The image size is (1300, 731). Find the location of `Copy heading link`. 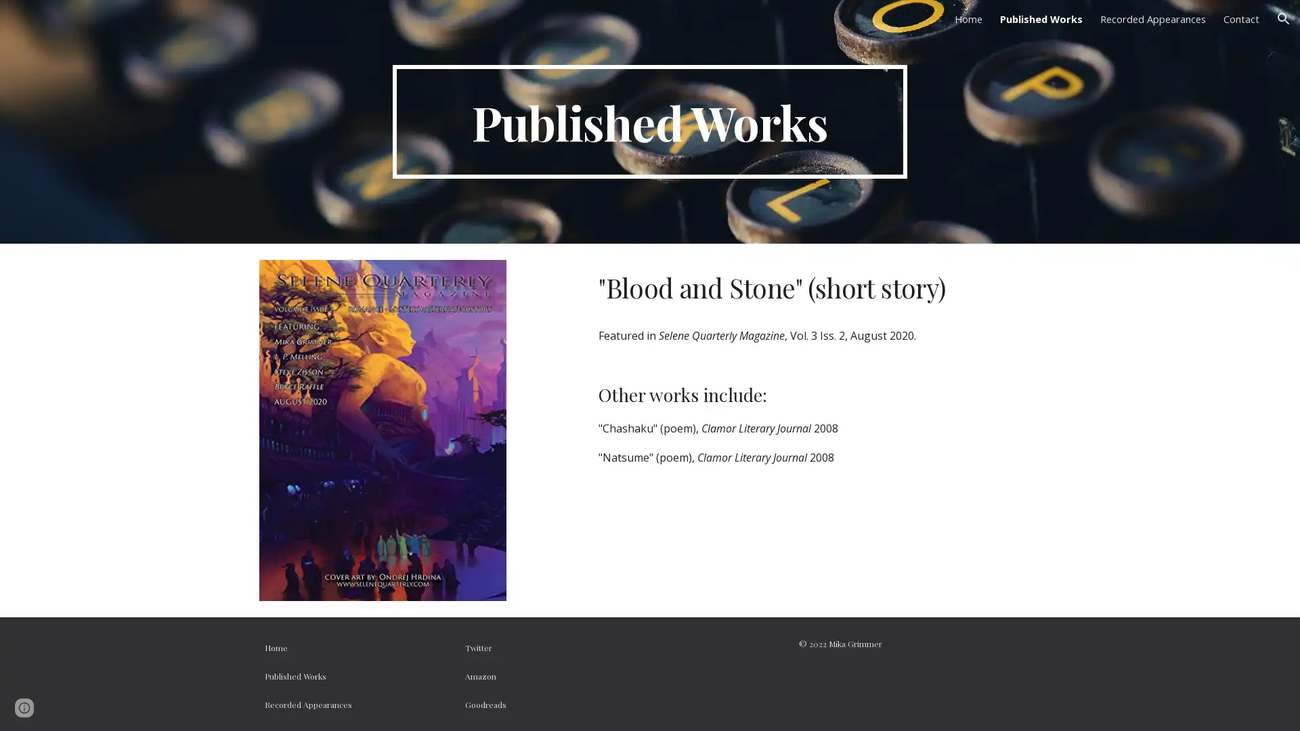

Copy heading link is located at coordinates (960, 286).